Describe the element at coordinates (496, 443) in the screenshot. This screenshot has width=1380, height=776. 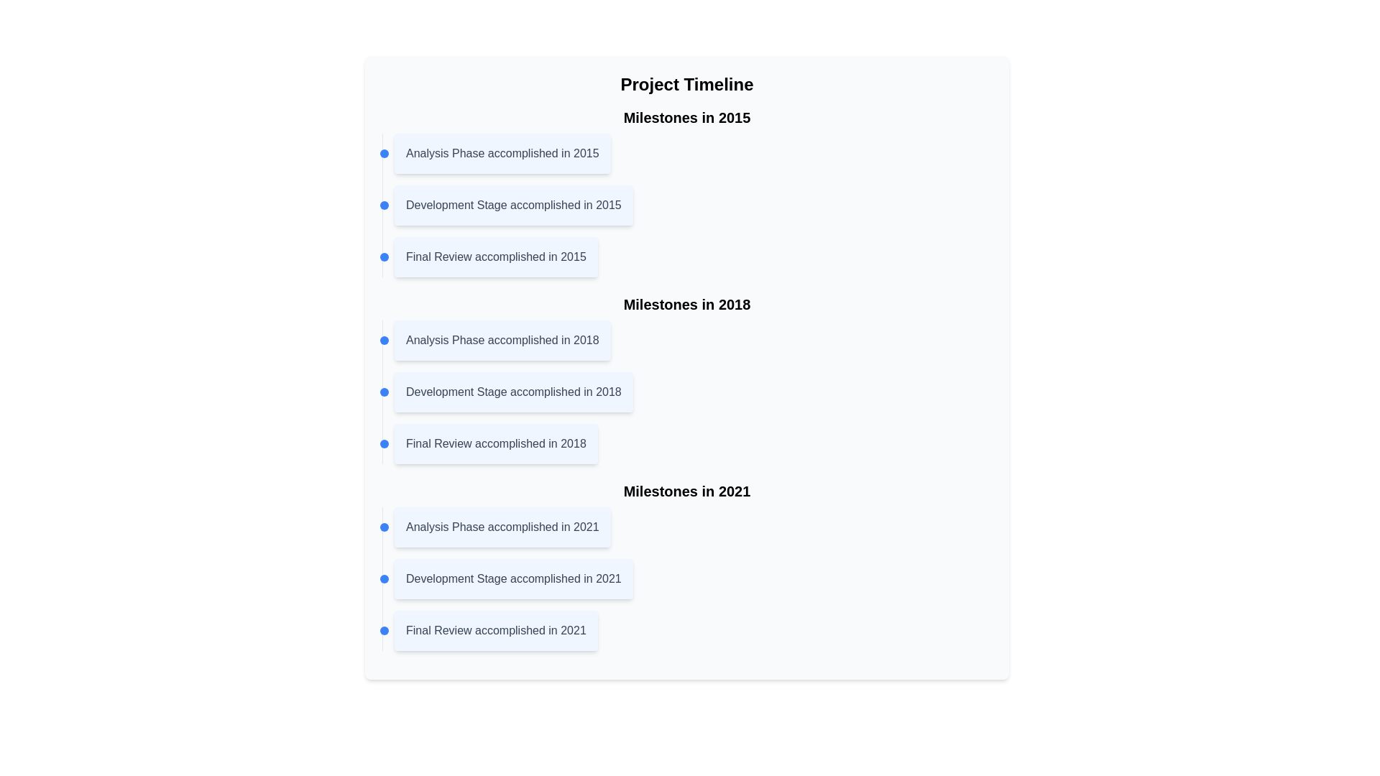
I see `the Informational Label with the text 'Final Review accomplished in 2018', which has a light blue background and is located under the 'Milestones in 2018' section` at that location.